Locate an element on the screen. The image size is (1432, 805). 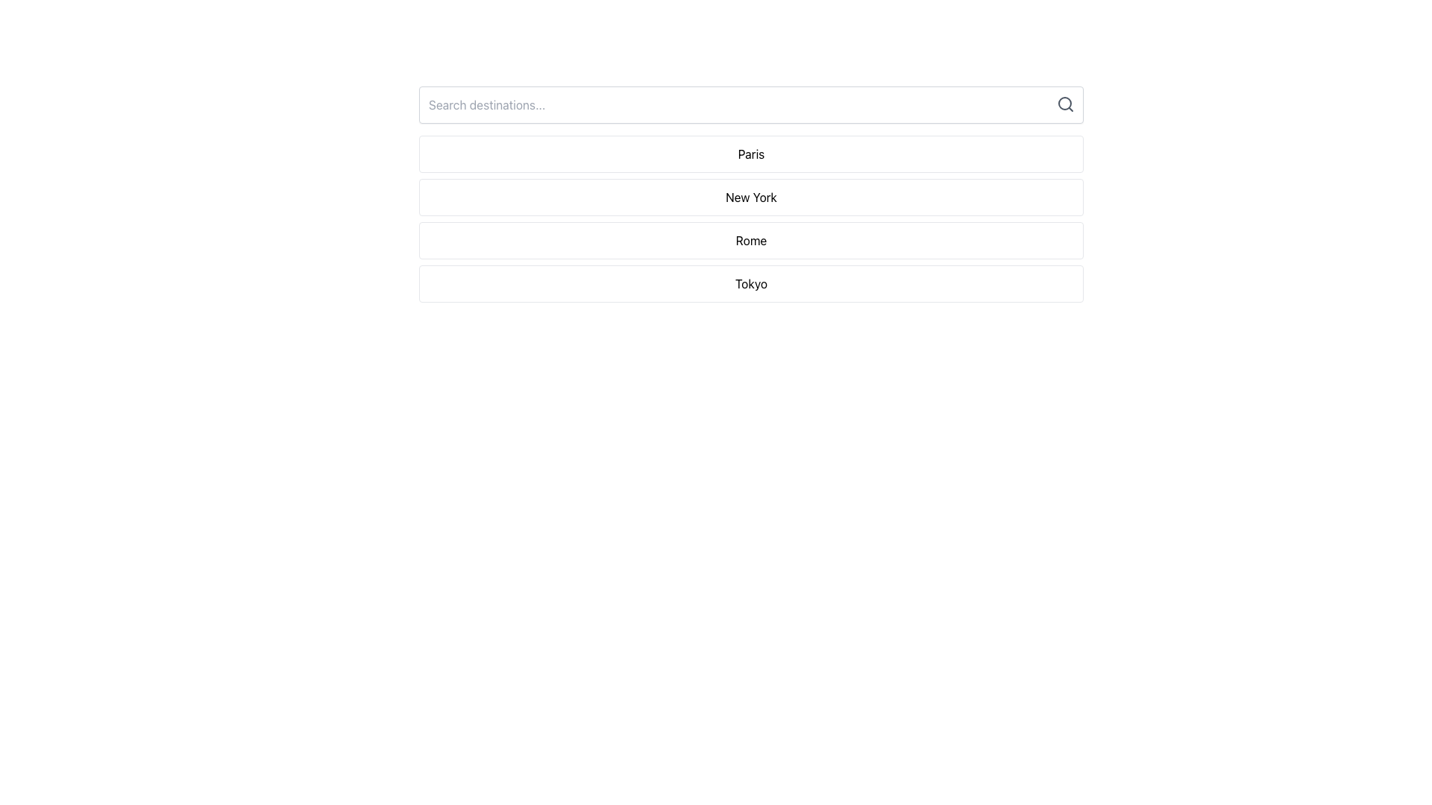
the placeholder text 'Search destinations...' in the search bar located at the top of the section before the buttons is located at coordinates (751, 104).